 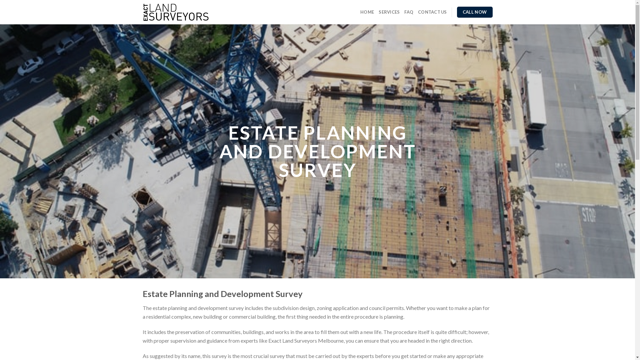 I want to click on 'SERVICES', so click(x=389, y=12).